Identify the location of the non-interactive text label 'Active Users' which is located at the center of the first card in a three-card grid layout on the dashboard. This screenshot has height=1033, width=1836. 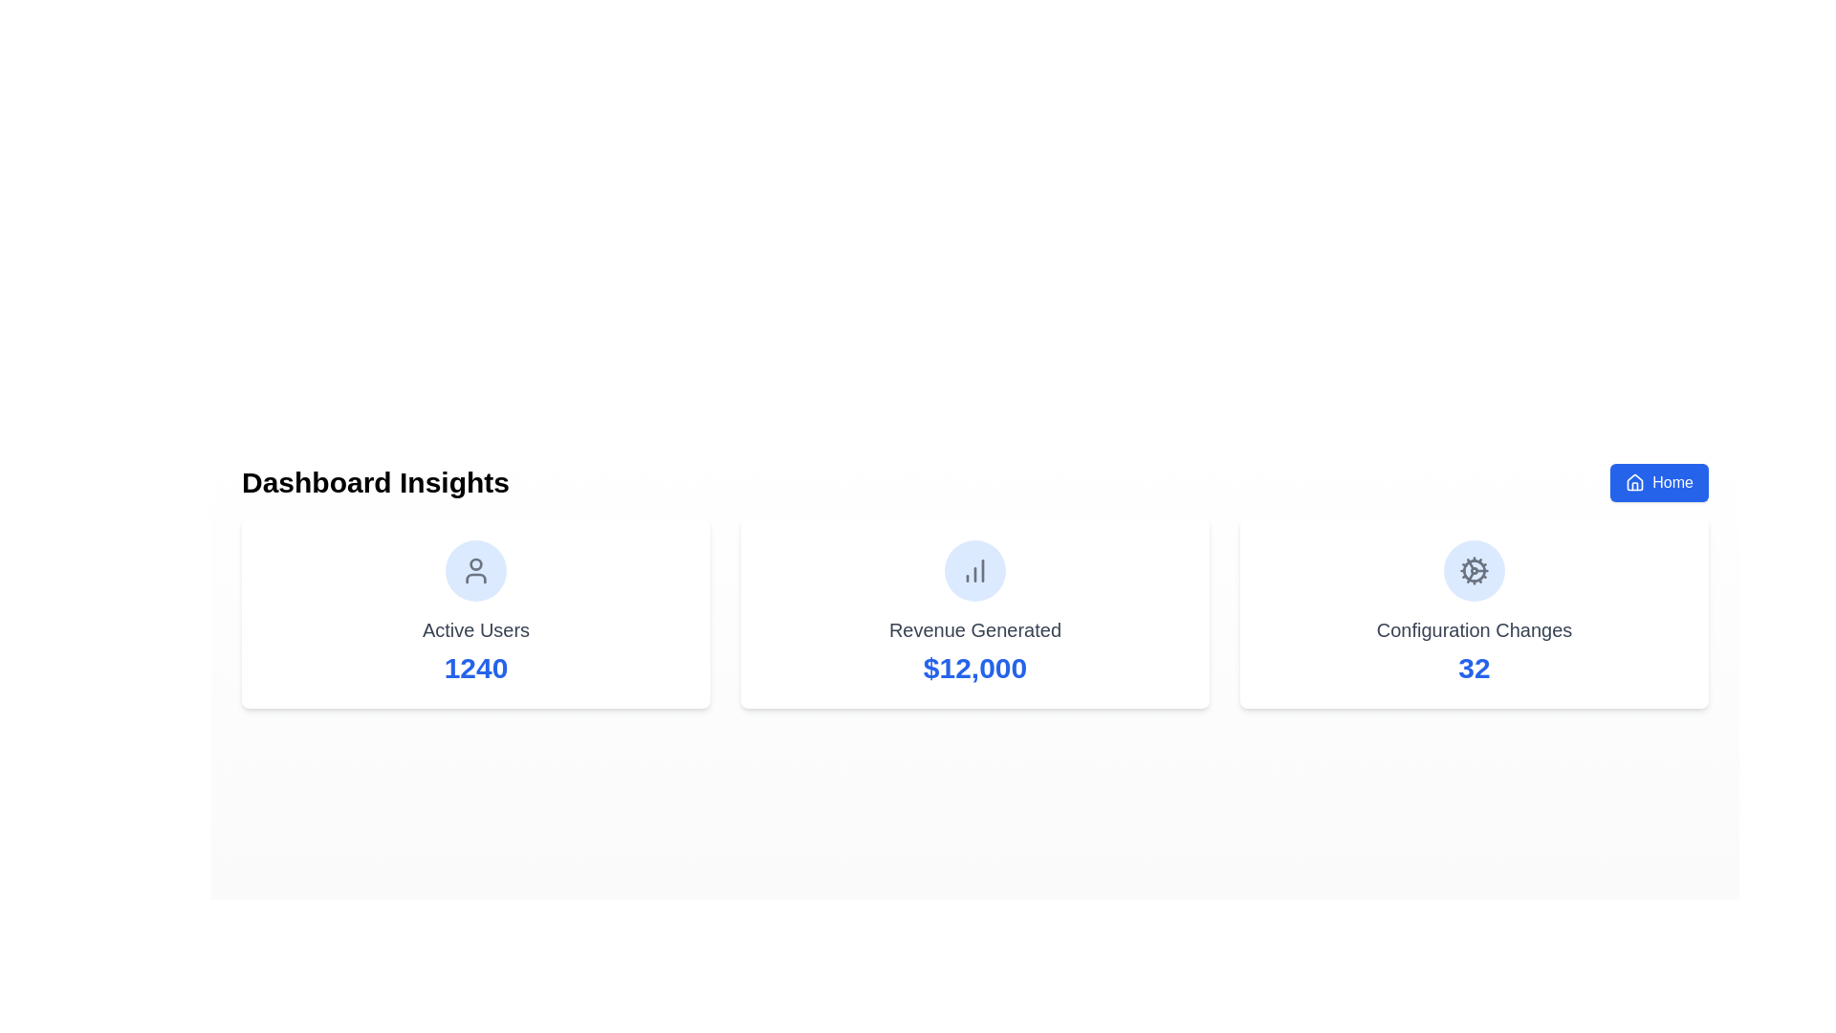
(476, 630).